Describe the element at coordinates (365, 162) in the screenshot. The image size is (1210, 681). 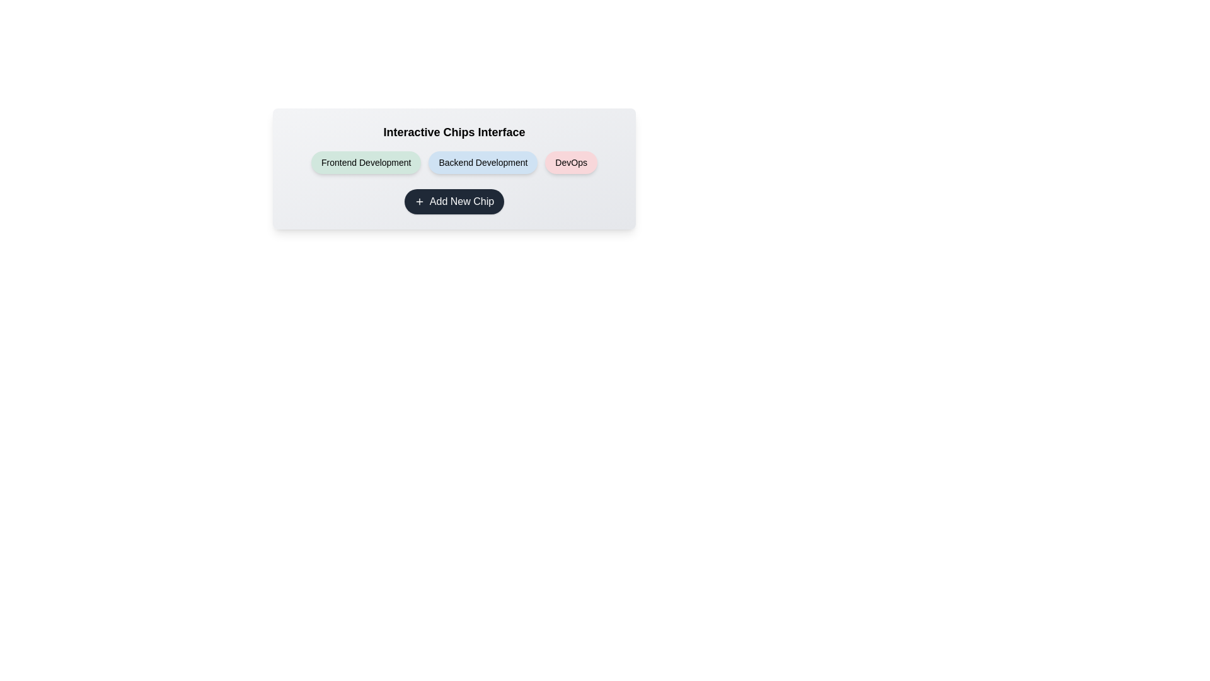
I see `the 'Frontend Development' chip` at that location.